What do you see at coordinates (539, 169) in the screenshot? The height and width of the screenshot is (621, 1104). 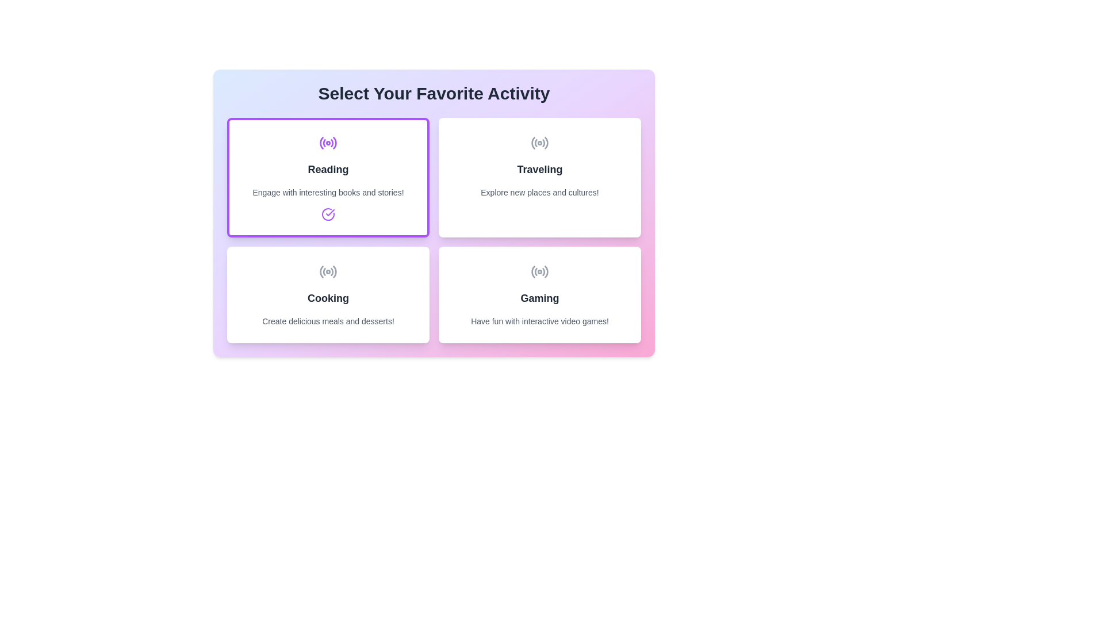 I see `the 'Traveling' text label, which is styled in bold dark gray and located in the second activity card of a 2x2 grid layout` at bounding box center [539, 169].